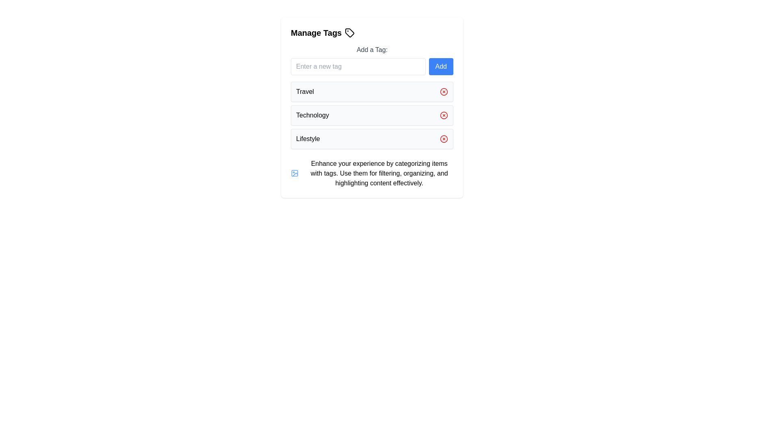  I want to click on the delete button located to the right of the 'Technology' tag, so click(444, 115).